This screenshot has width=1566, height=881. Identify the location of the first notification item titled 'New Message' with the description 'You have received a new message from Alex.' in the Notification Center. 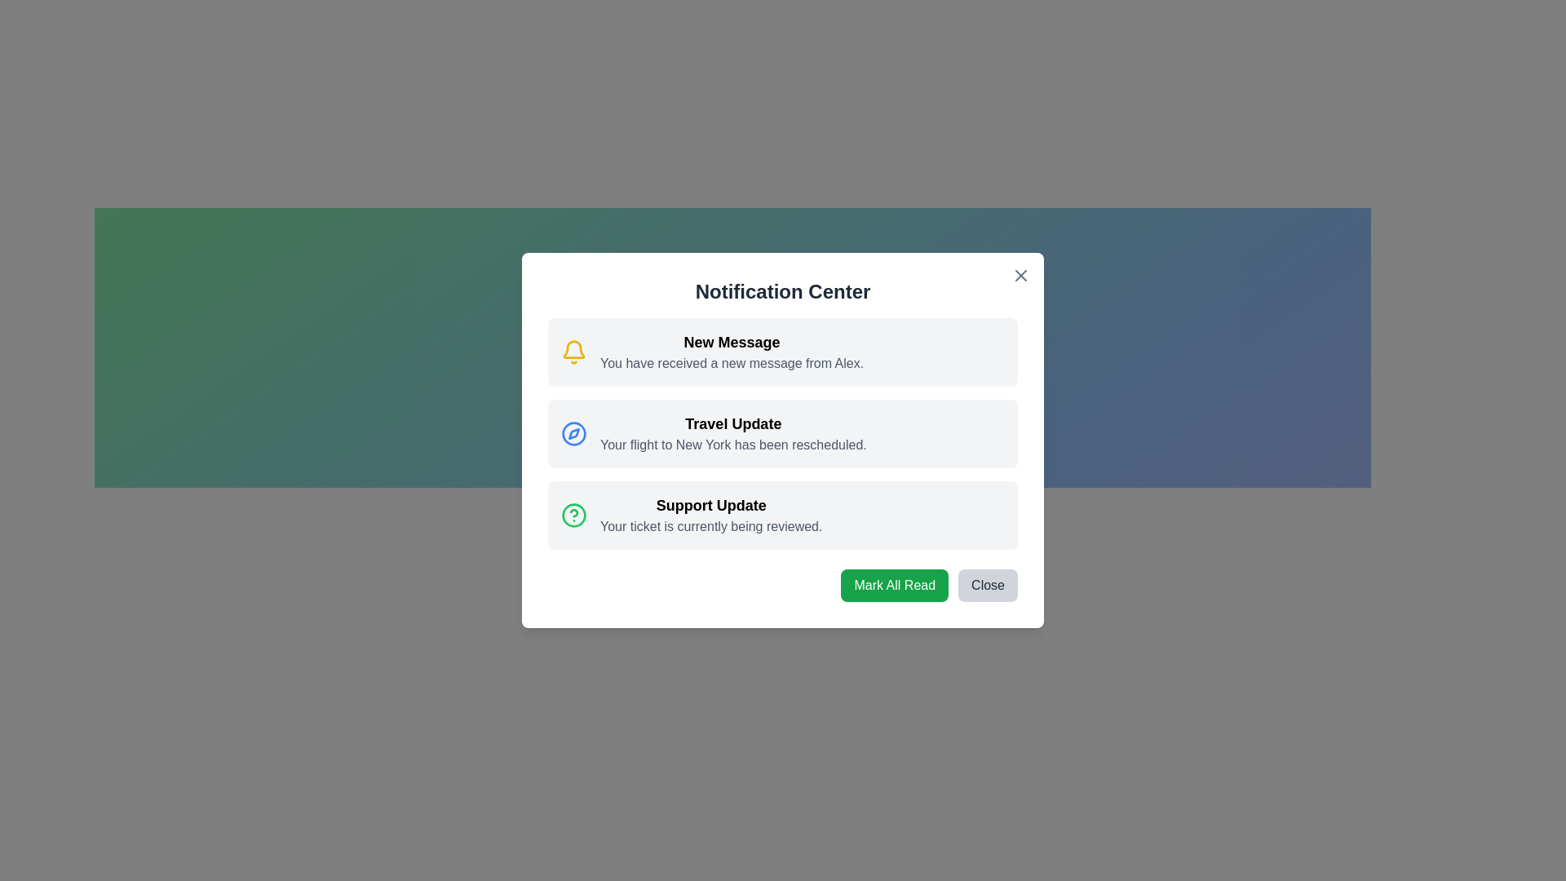
(731, 352).